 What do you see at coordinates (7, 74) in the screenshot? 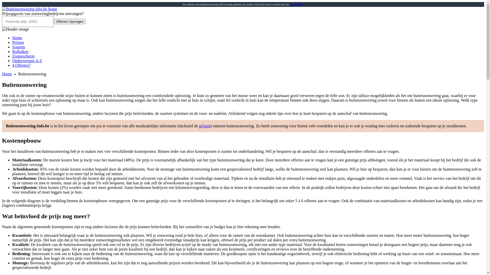
I see `'Home'` at bounding box center [7, 74].